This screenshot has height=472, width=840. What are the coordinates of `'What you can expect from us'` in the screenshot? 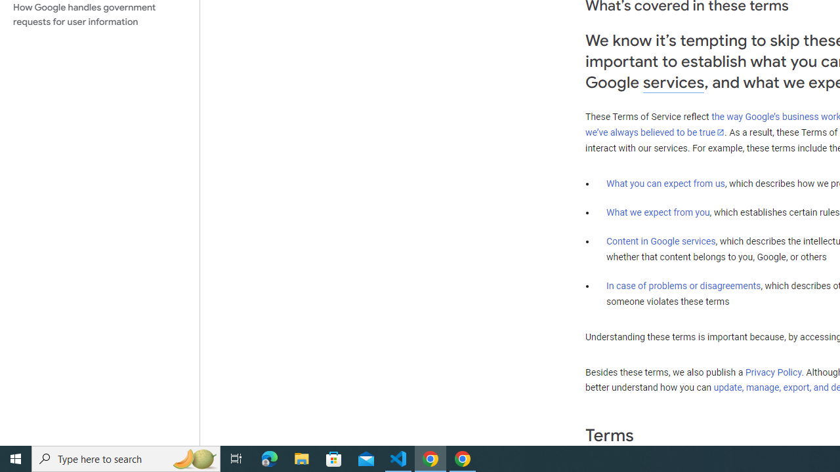 It's located at (665, 183).